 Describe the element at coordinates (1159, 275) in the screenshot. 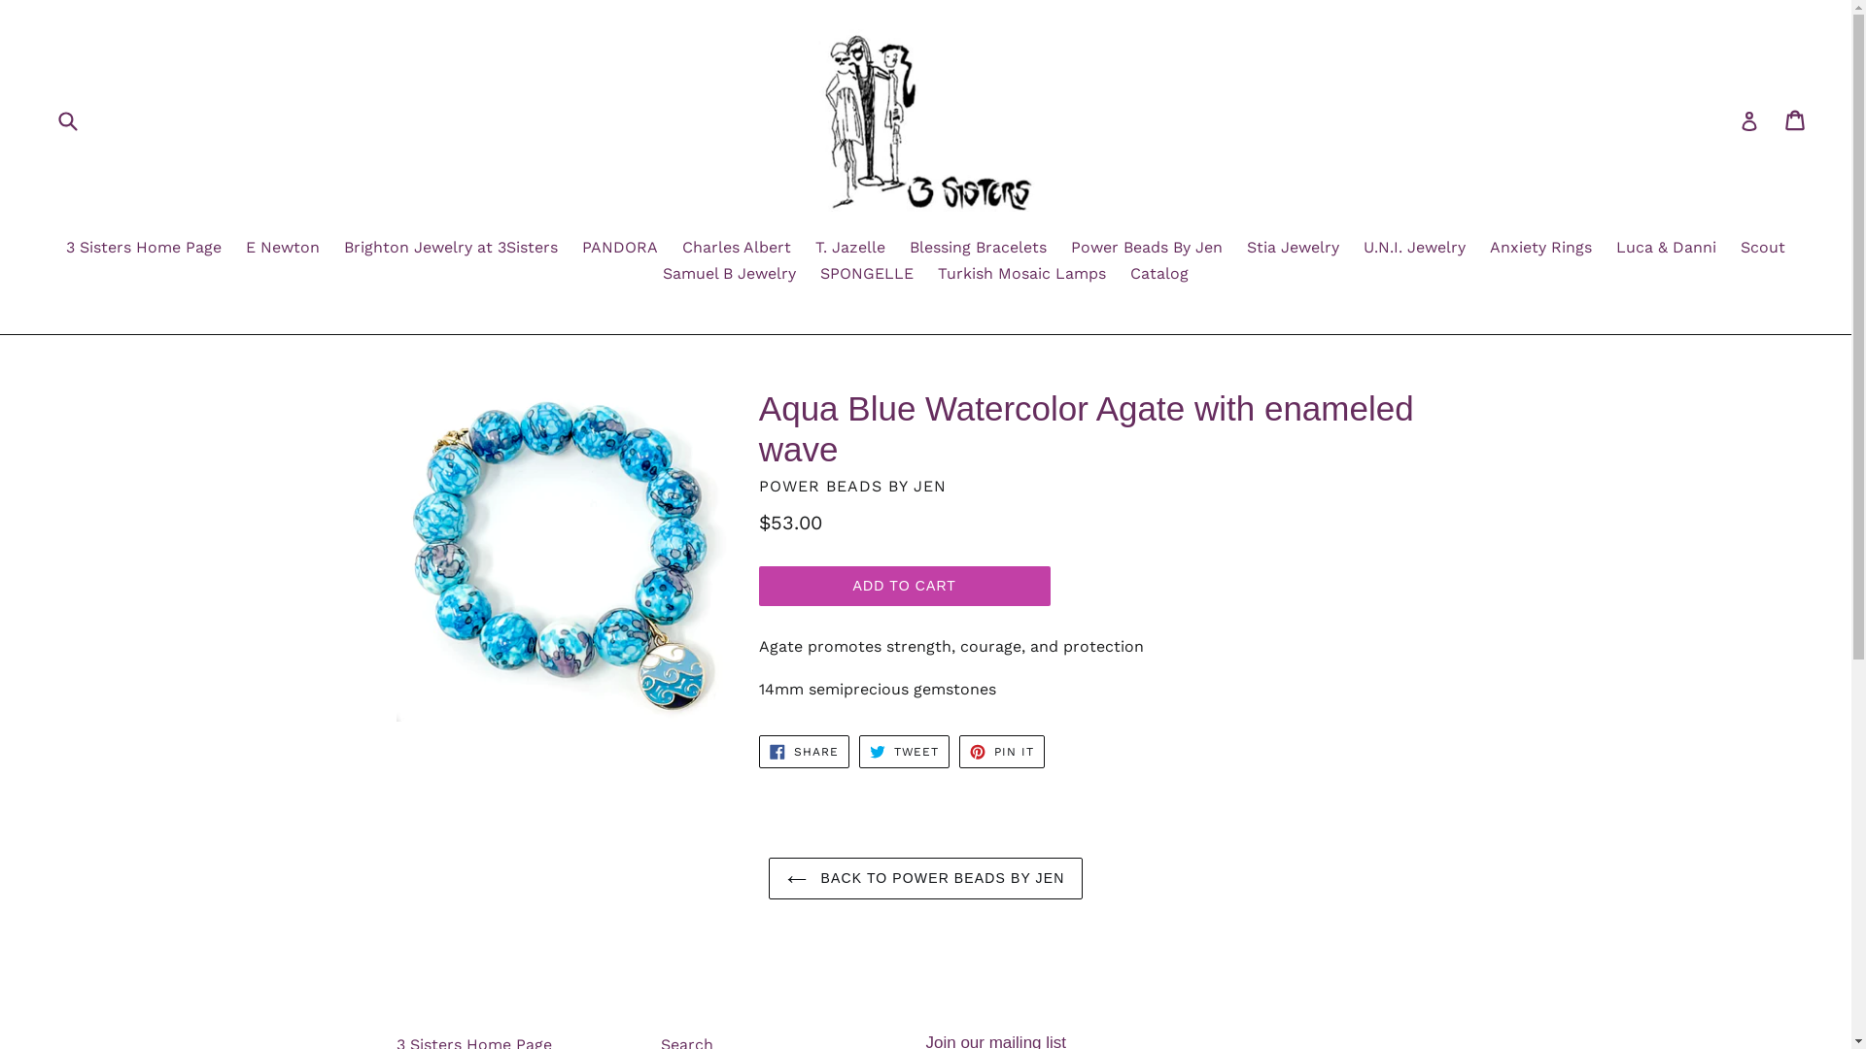

I see `'Catalog'` at that location.